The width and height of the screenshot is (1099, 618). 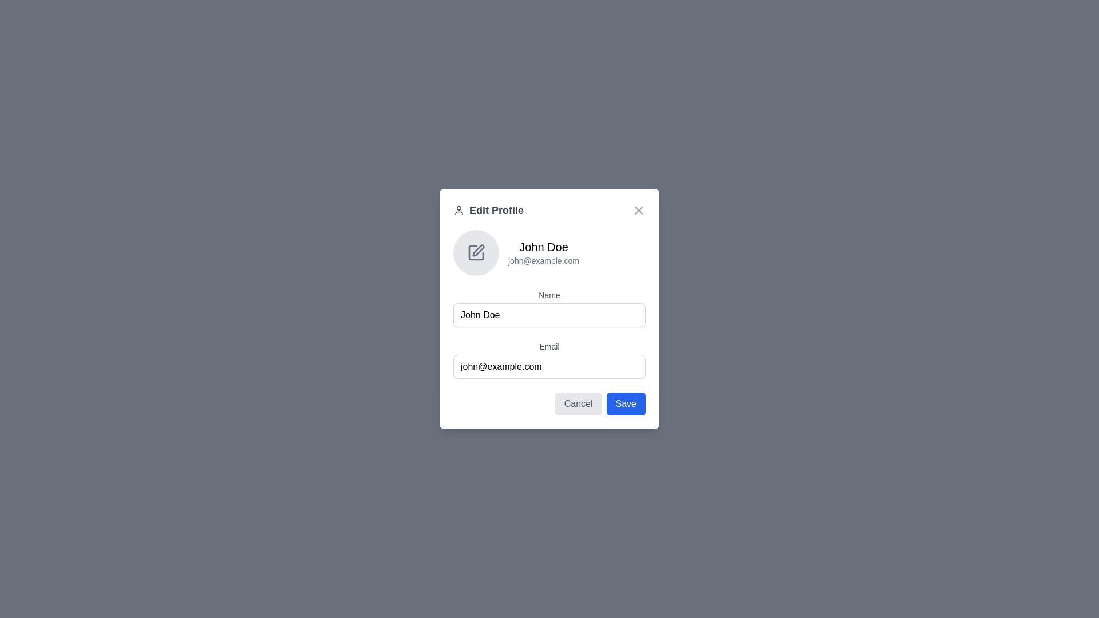 I want to click on the user profile editing SVG icon located at the top-left corner of the modal window, which visually cues the 'Edit Profile' text, so click(x=458, y=210).